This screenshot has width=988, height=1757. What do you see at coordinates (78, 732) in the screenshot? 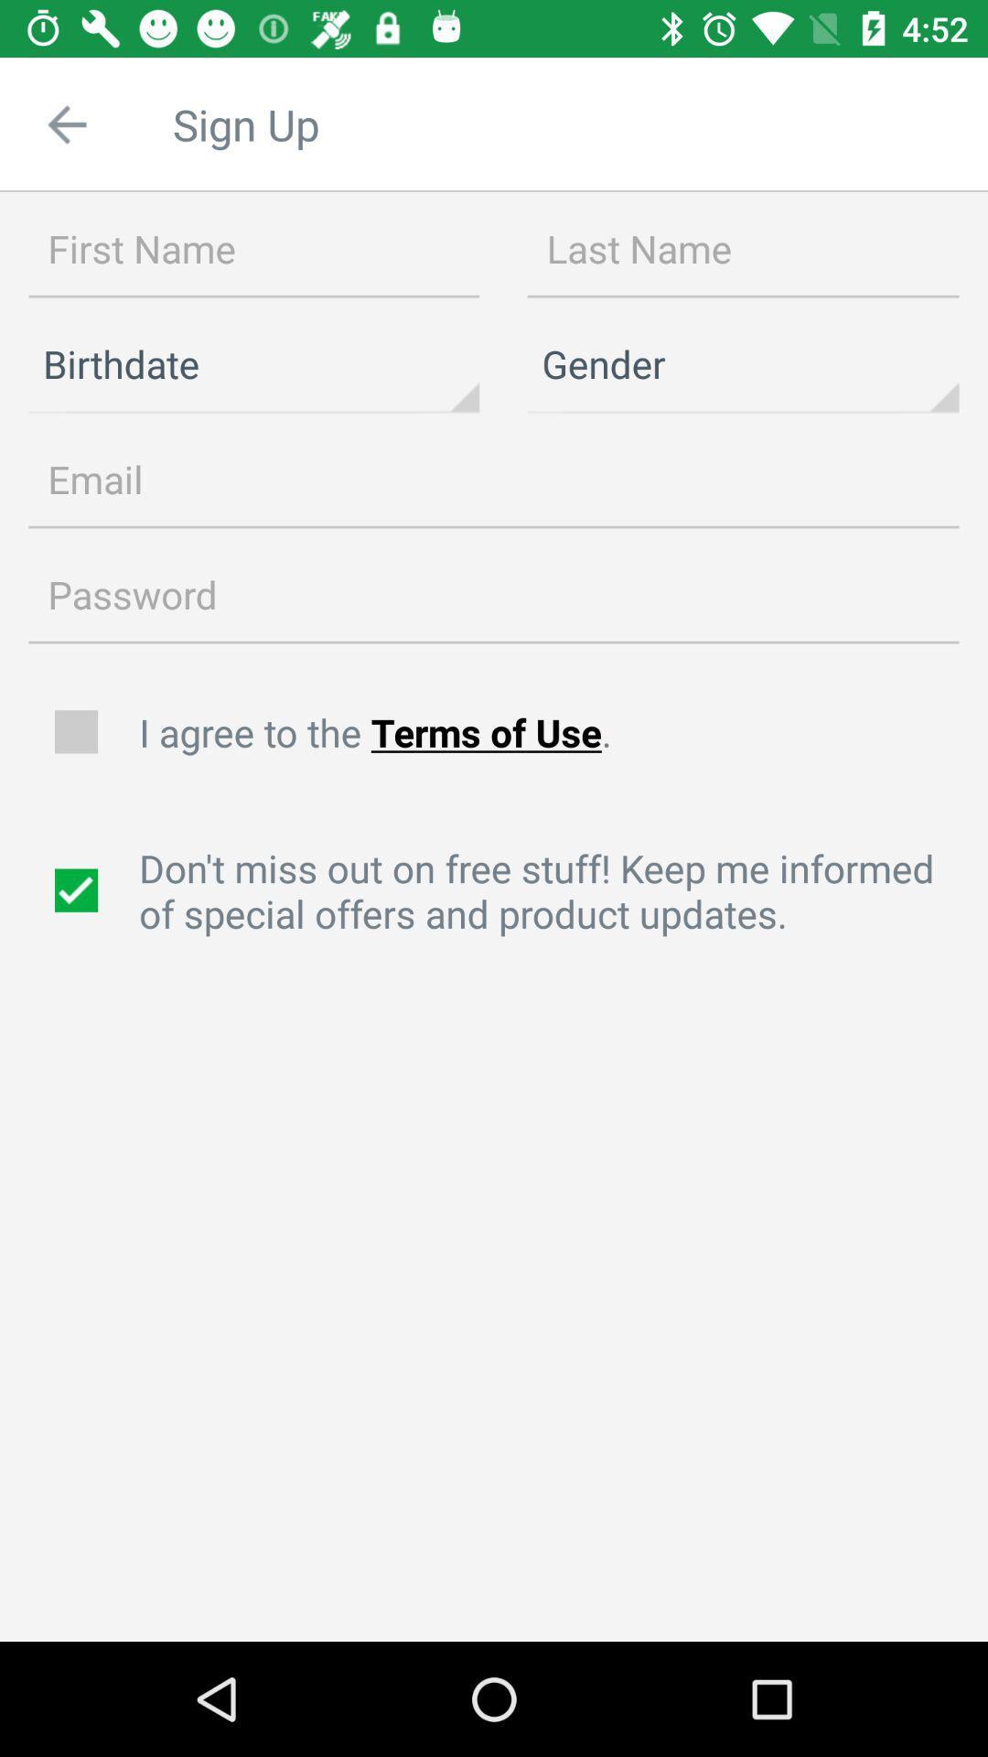
I see `check the agree box` at bounding box center [78, 732].